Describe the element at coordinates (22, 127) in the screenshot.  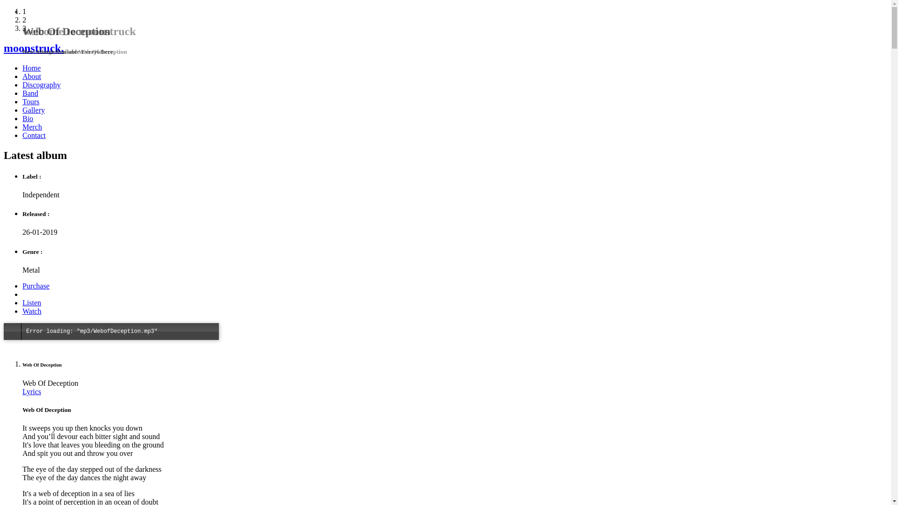
I see `'Merch'` at that location.